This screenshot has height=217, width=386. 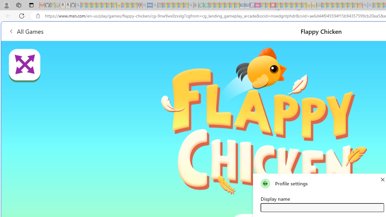 I want to click on 'The Weather Channel - MSN - Sleeping', so click(x=93, y=5).